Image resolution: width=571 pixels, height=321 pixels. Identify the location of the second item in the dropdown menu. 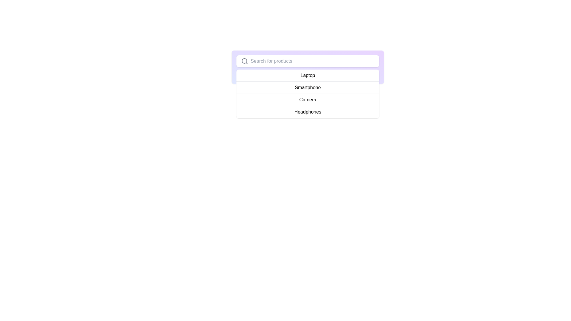
(308, 87).